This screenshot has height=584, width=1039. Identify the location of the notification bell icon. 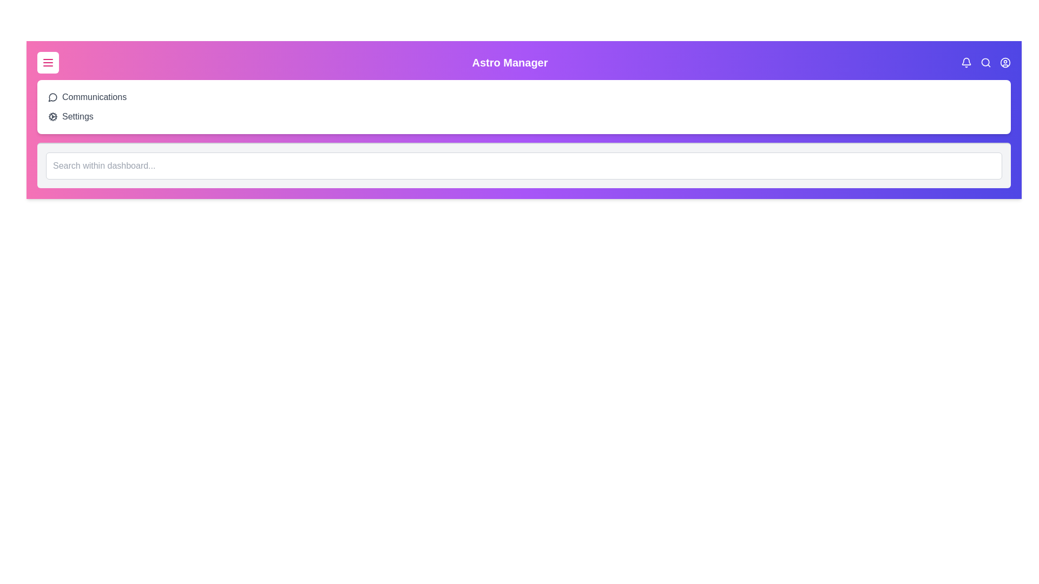
(966, 62).